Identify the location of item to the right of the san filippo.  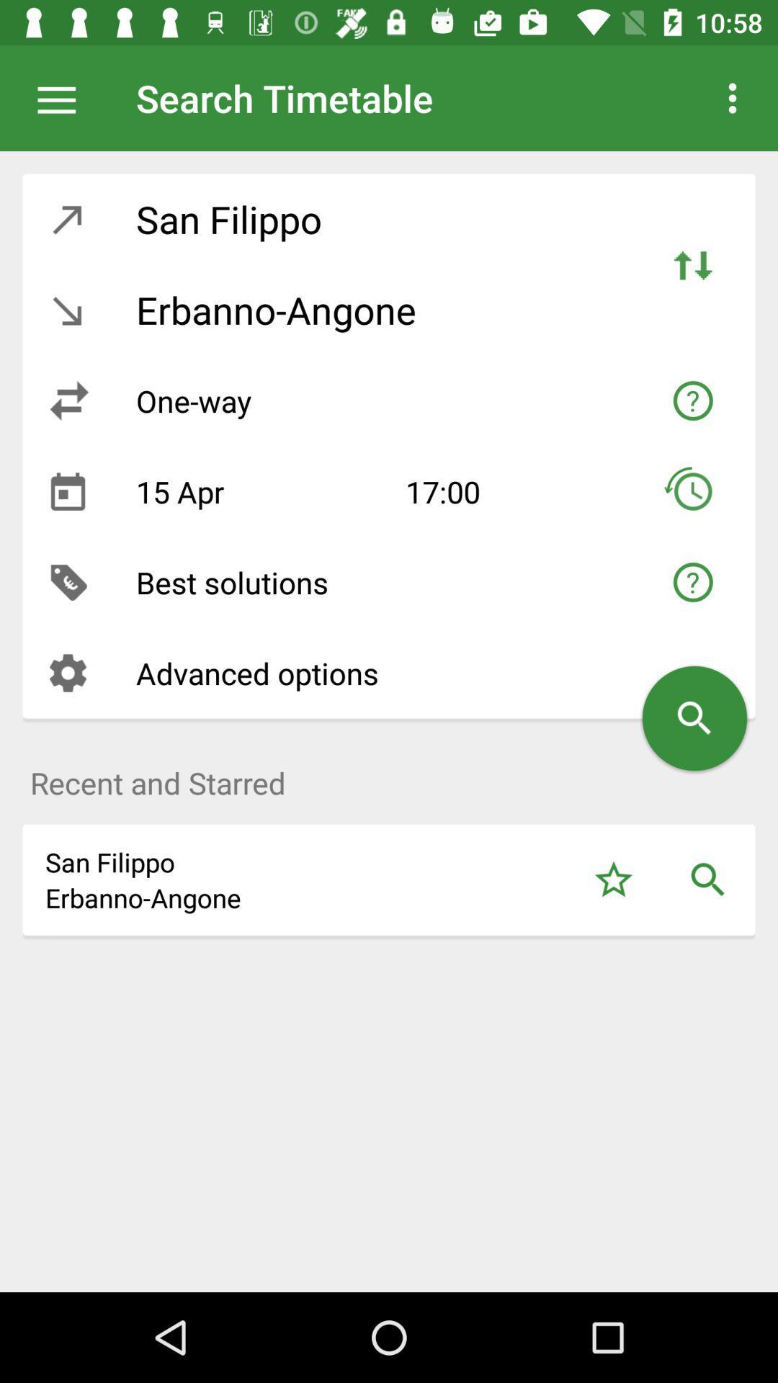
(692, 264).